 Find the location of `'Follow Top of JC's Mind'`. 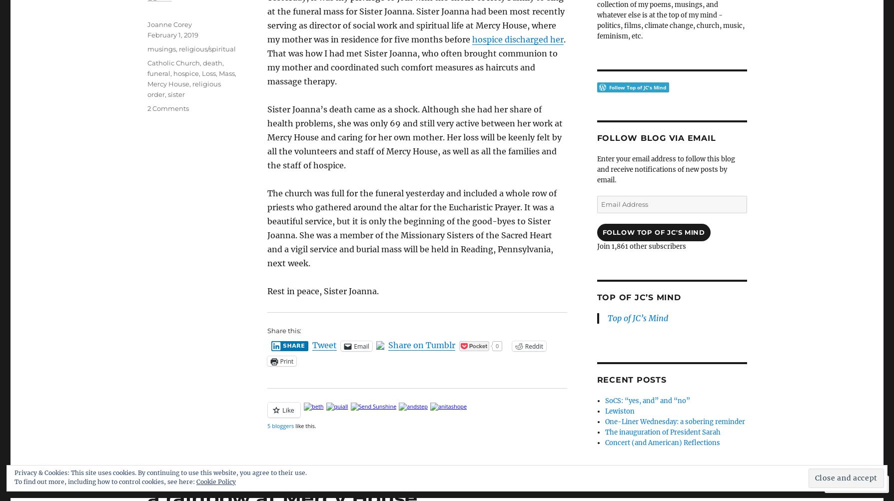

'Follow Top of JC's Mind' is located at coordinates (653, 232).